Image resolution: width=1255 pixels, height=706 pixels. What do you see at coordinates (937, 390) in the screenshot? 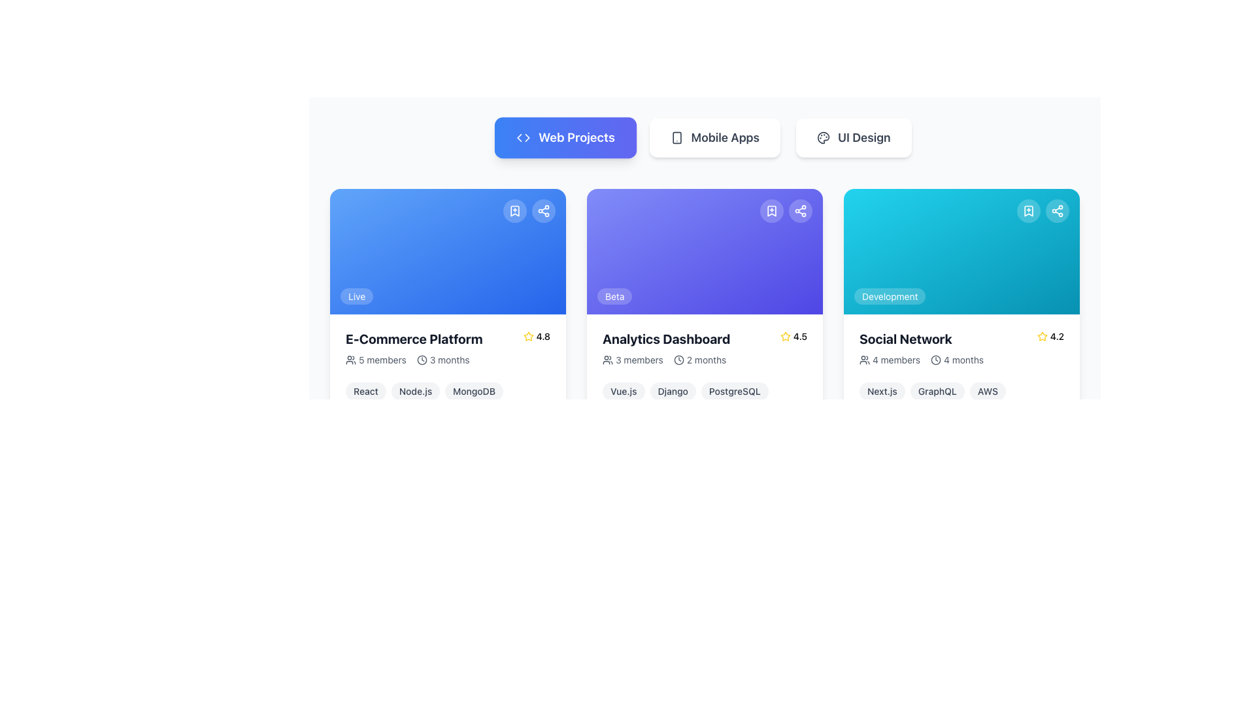
I see `text within the second label tag associated with the 'Social Network' card, positioned between 'Next.js' and 'AWS'` at bounding box center [937, 390].